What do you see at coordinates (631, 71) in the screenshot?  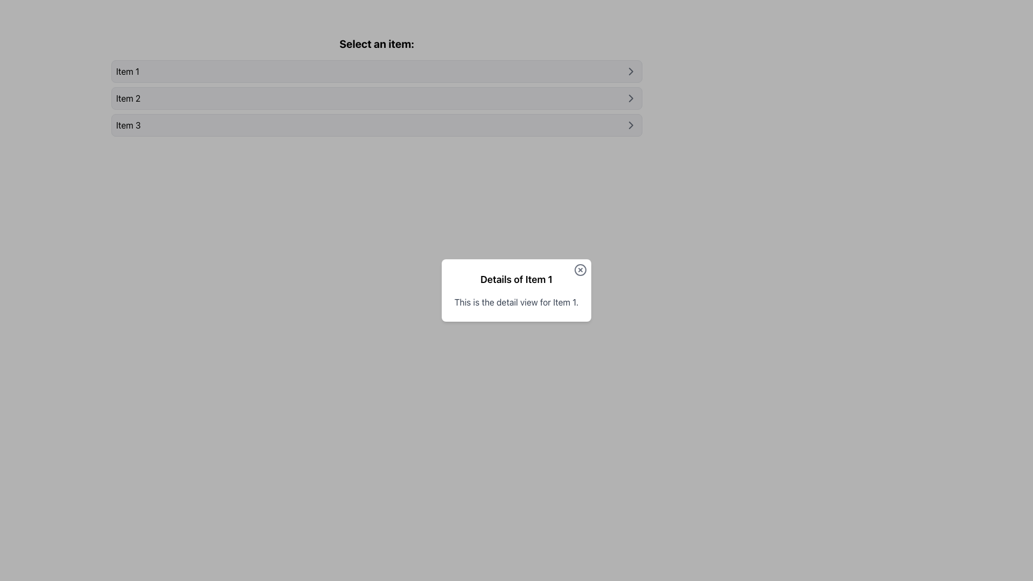 I see `the right-pointing chevron icon with a gray color and rounded outline located at the far-right edge of the first item in the vertical list labeled 'Select an item'` at bounding box center [631, 71].